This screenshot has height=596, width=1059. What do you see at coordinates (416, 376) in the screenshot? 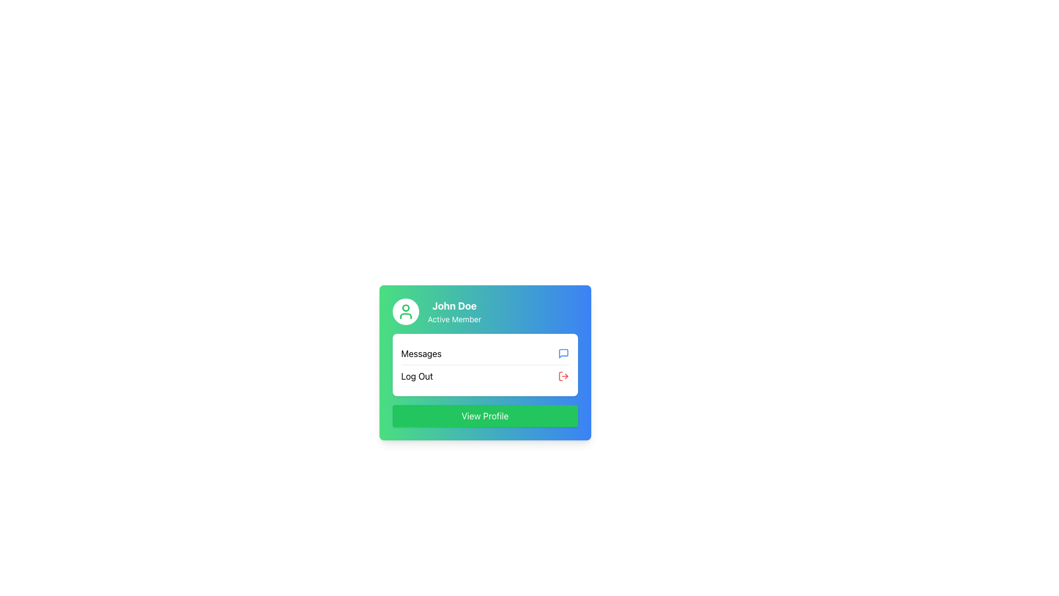
I see `the 'Log Out' text label, which is displayed in black font and positioned within a card interface under the 'Messages' label` at bounding box center [416, 376].